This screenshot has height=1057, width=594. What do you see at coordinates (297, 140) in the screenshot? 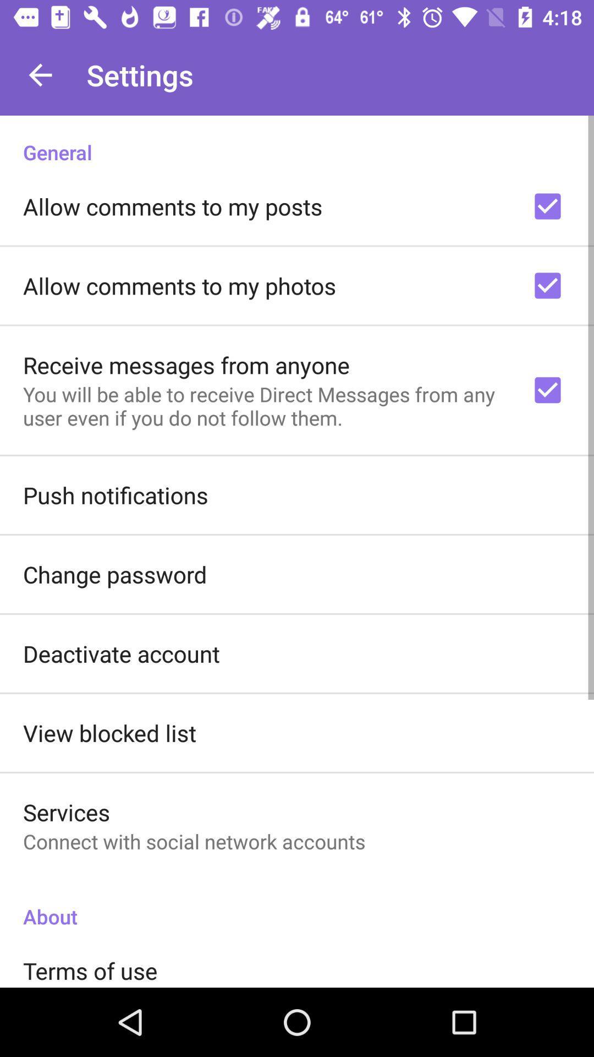
I see `the general icon` at bounding box center [297, 140].